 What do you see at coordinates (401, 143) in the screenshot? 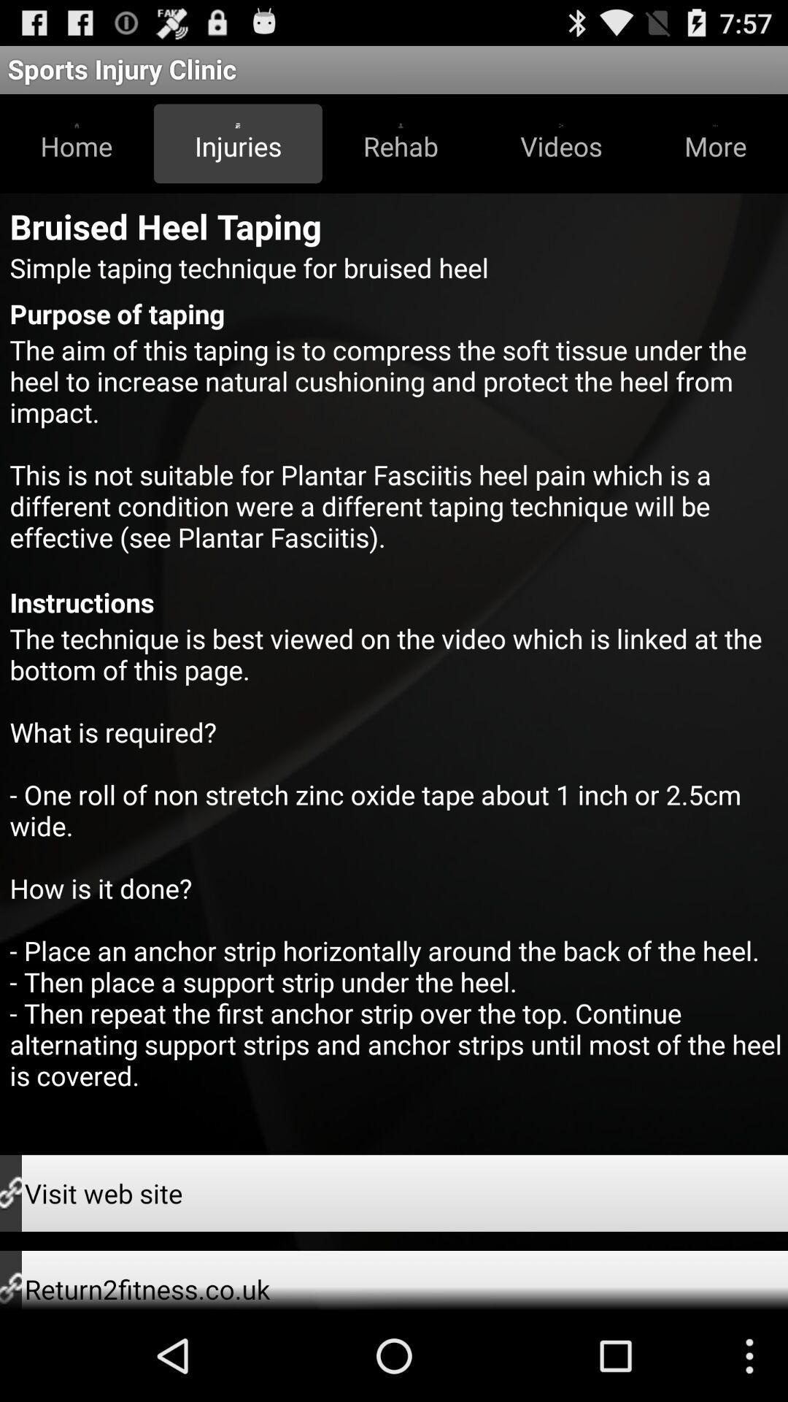
I see `button next to the injuries` at bounding box center [401, 143].